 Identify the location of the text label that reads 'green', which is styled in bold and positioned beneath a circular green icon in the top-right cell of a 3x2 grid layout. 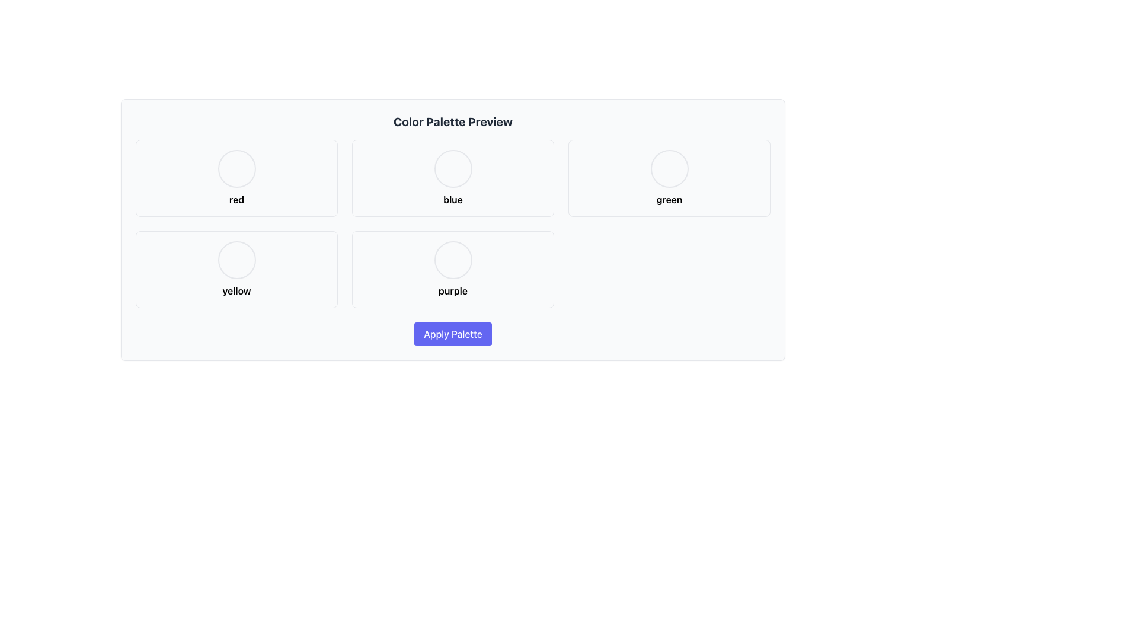
(669, 199).